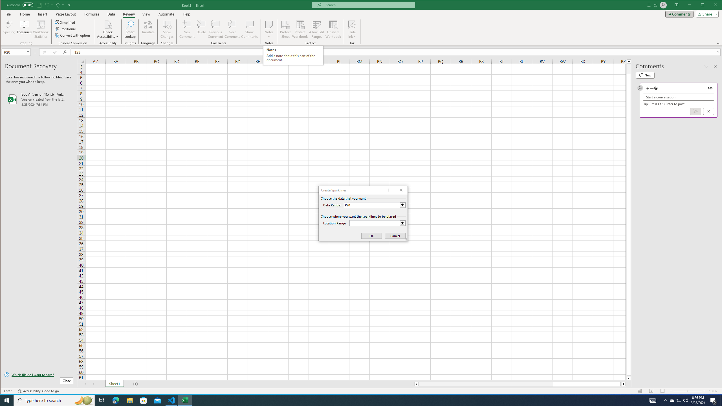  What do you see at coordinates (678, 97) in the screenshot?
I see `'Start a conversation'` at bounding box center [678, 97].